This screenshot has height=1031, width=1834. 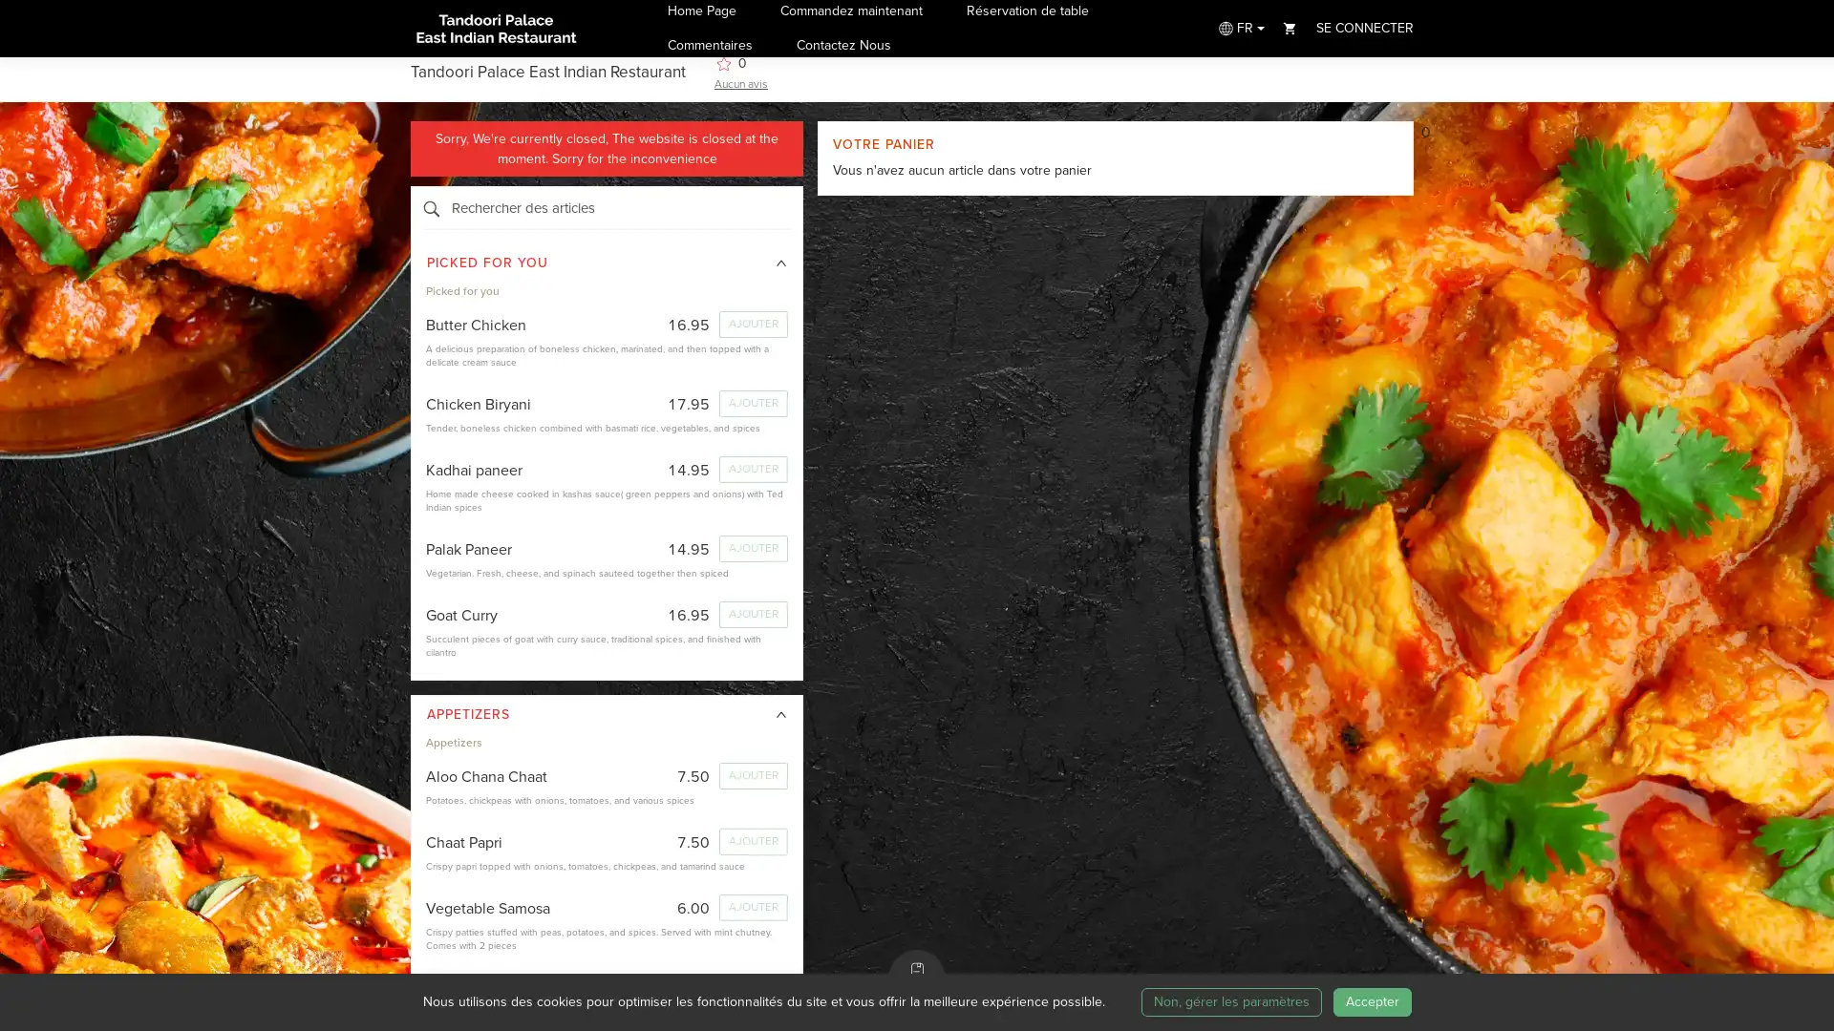 What do you see at coordinates (917, 978) in the screenshot?
I see `MENU` at bounding box center [917, 978].